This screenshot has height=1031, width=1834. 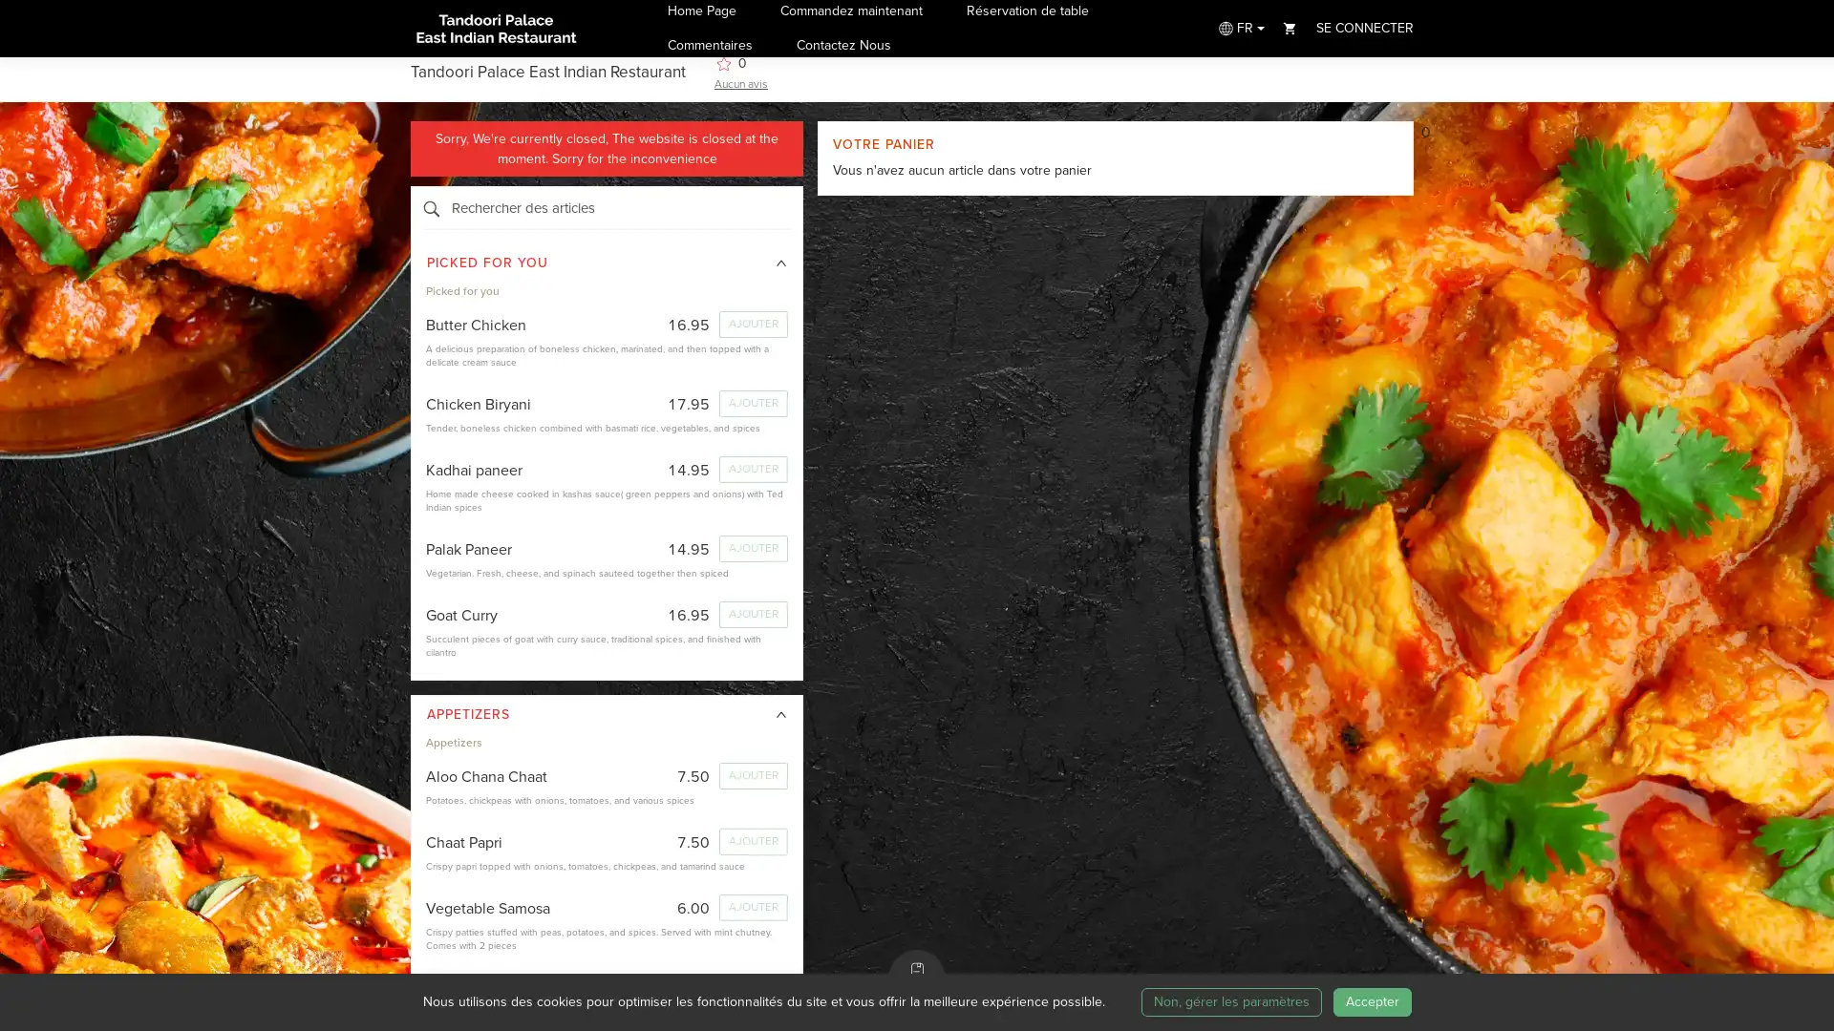 What do you see at coordinates (917, 978) in the screenshot?
I see `MENU` at bounding box center [917, 978].